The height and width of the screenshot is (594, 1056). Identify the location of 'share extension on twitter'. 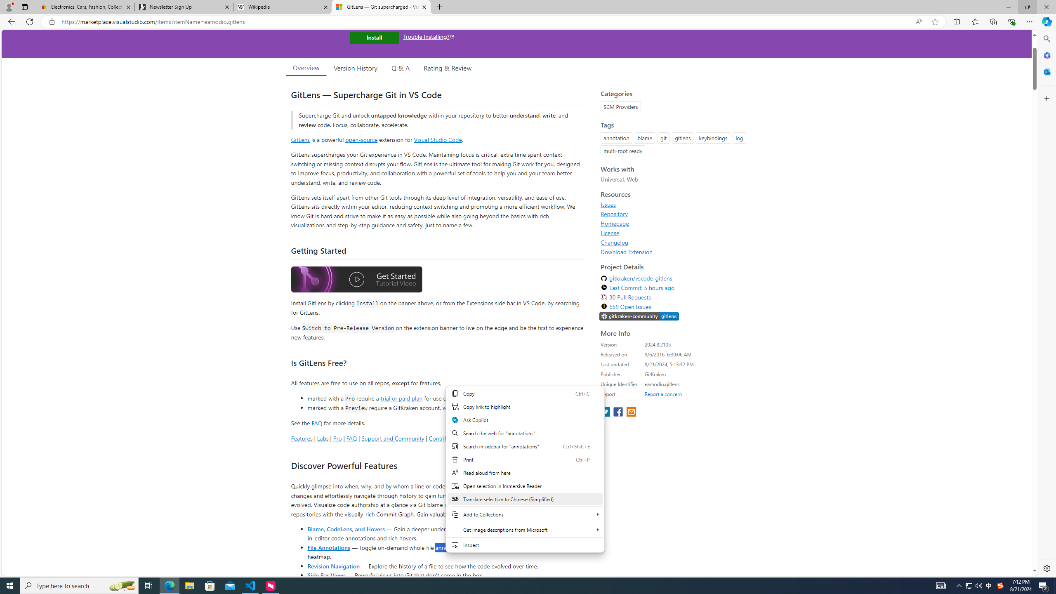
(606, 412).